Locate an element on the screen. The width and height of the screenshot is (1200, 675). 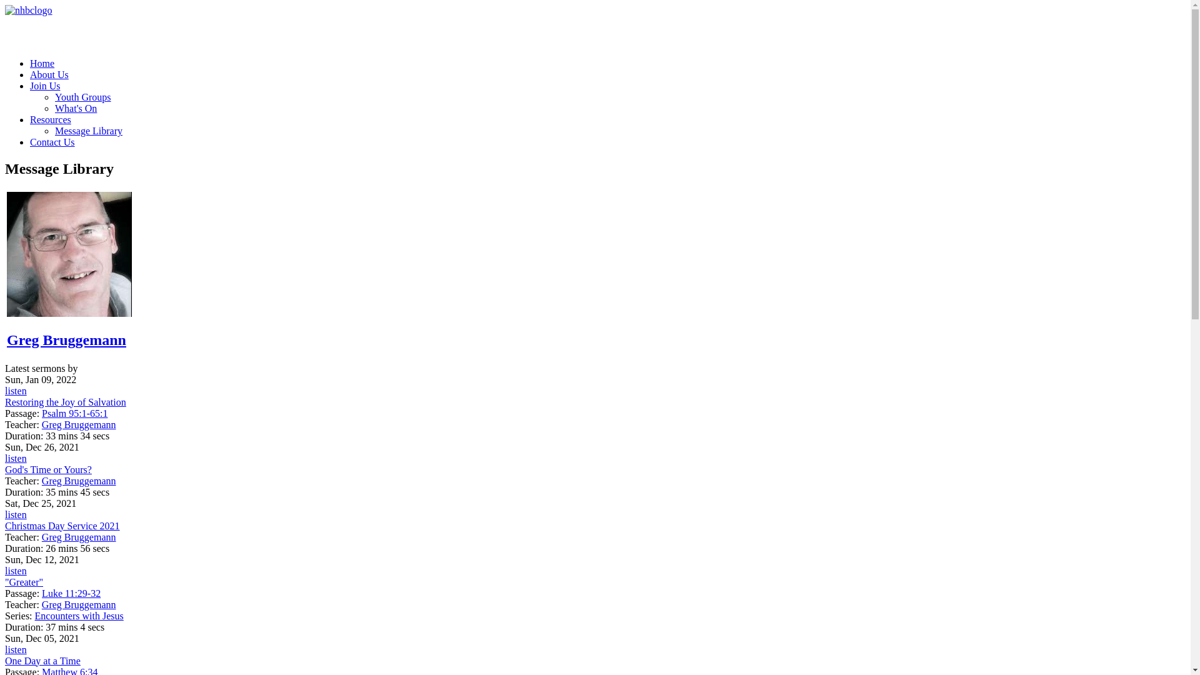
'Psalm 95:1-65:1' is located at coordinates (42, 413).